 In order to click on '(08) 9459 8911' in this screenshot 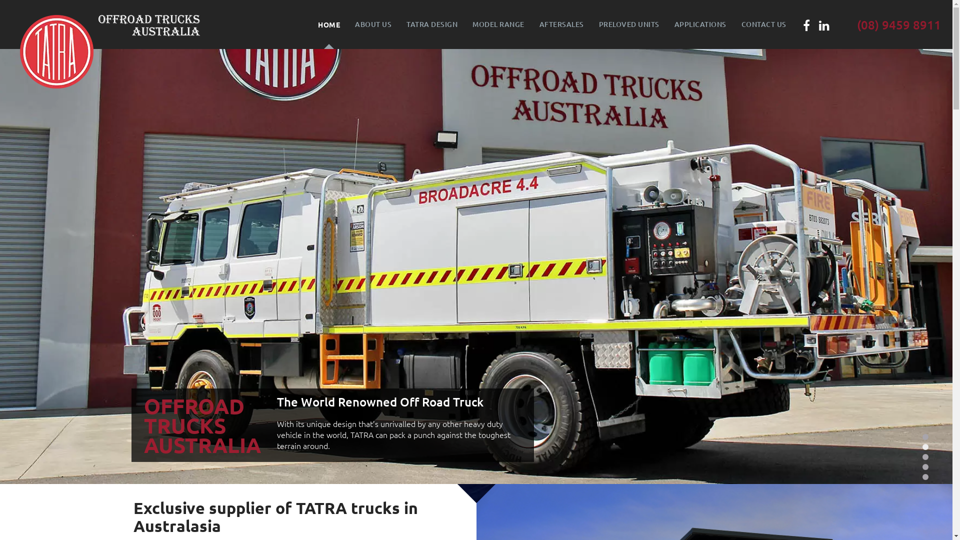, I will do `click(899, 24)`.